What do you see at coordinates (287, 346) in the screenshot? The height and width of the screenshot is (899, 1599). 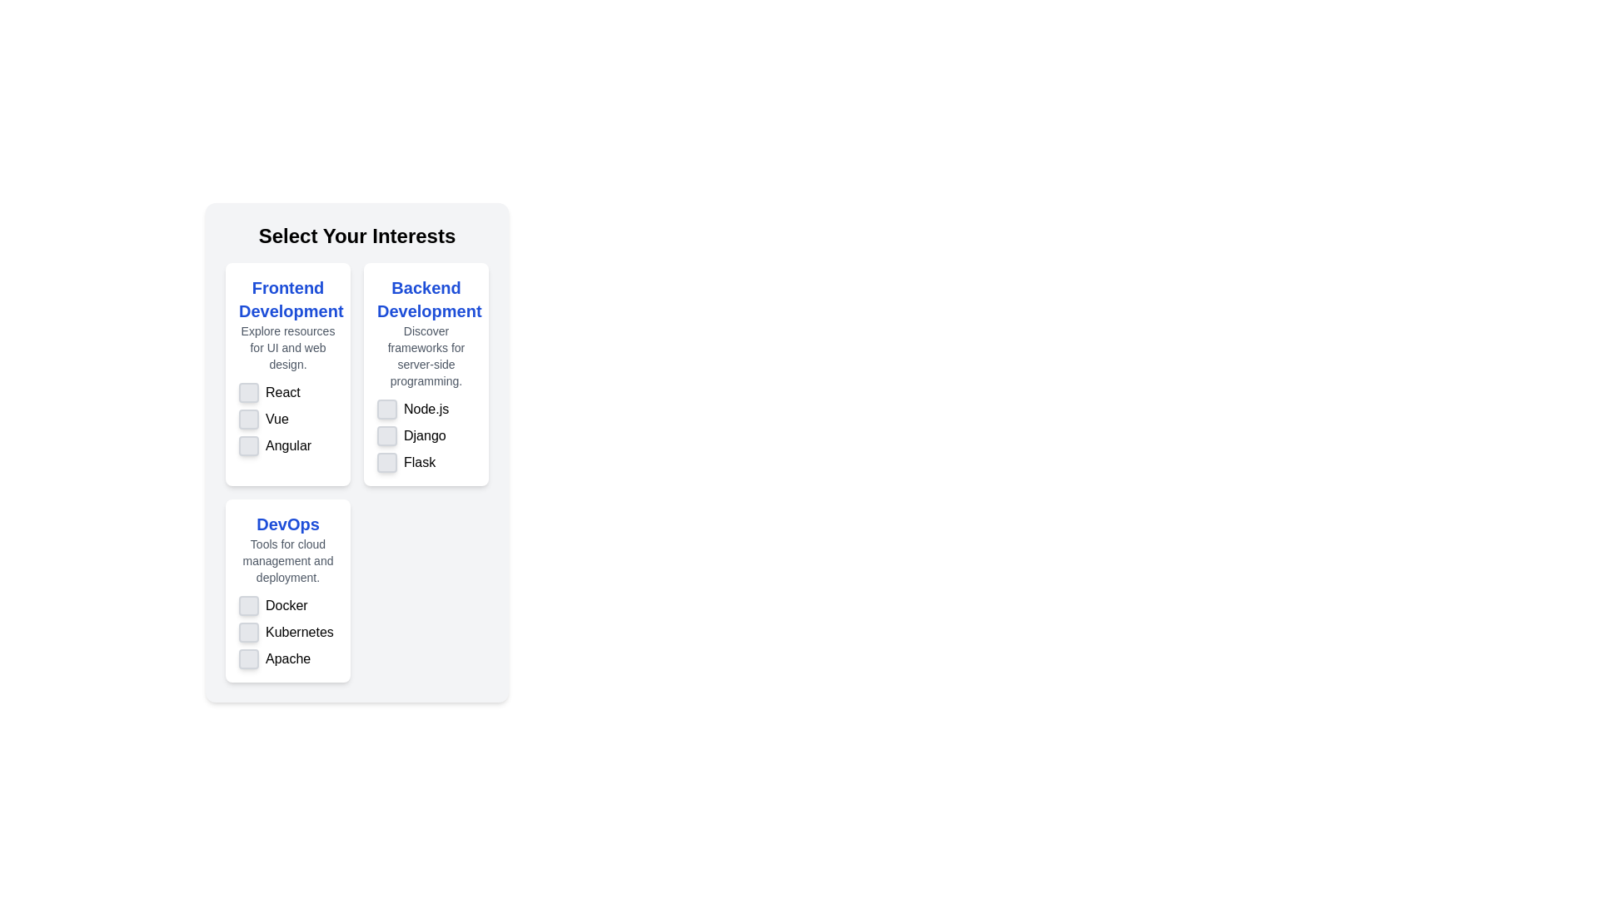 I see `the static text element that reads 'Explore resources for UI and web design', which is located directly beneath the title 'Frontend Development' in the leftmost card of the interface` at bounding box center [287, 346].